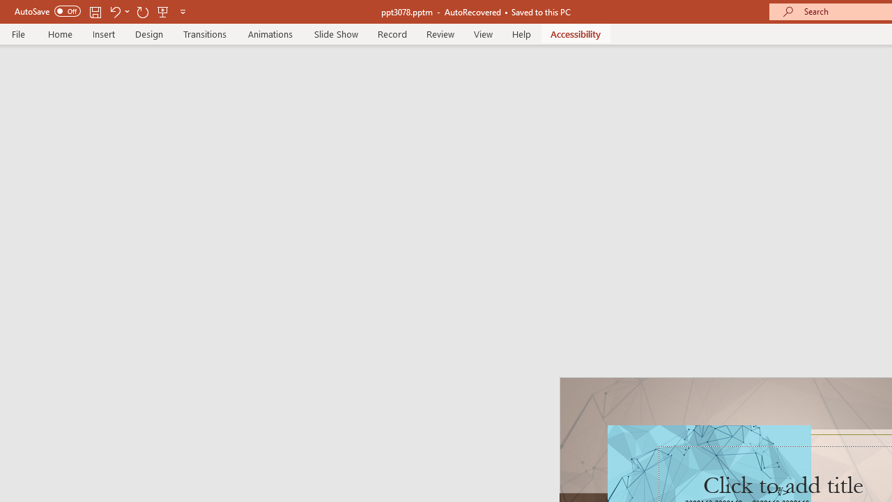 This screenshot has width=892, height=502. What do you see at coordinates (521, 33) in the screenshot?
I see `'Help'` at bounding box center [521, 33].